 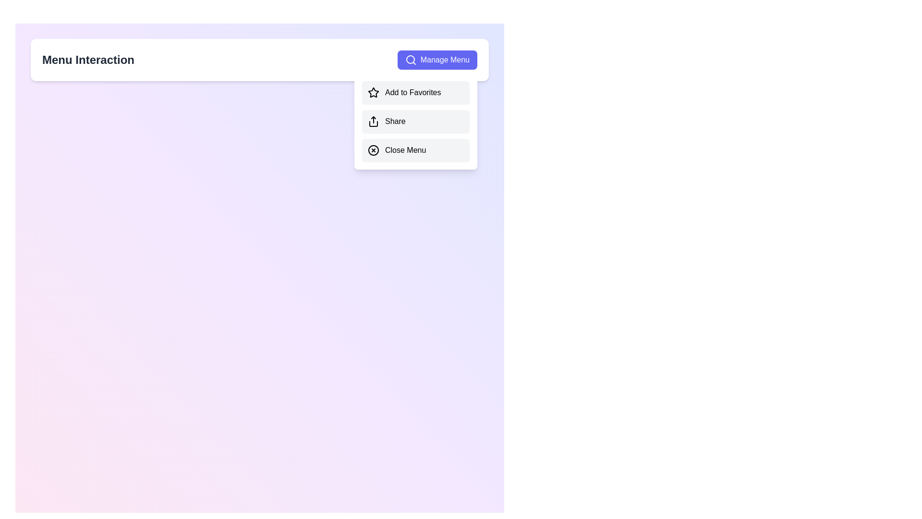 I want to click on the magnifying glass icon located within the 'Manage Menu' button at the top right of the interface, so click(x=411, y=60).